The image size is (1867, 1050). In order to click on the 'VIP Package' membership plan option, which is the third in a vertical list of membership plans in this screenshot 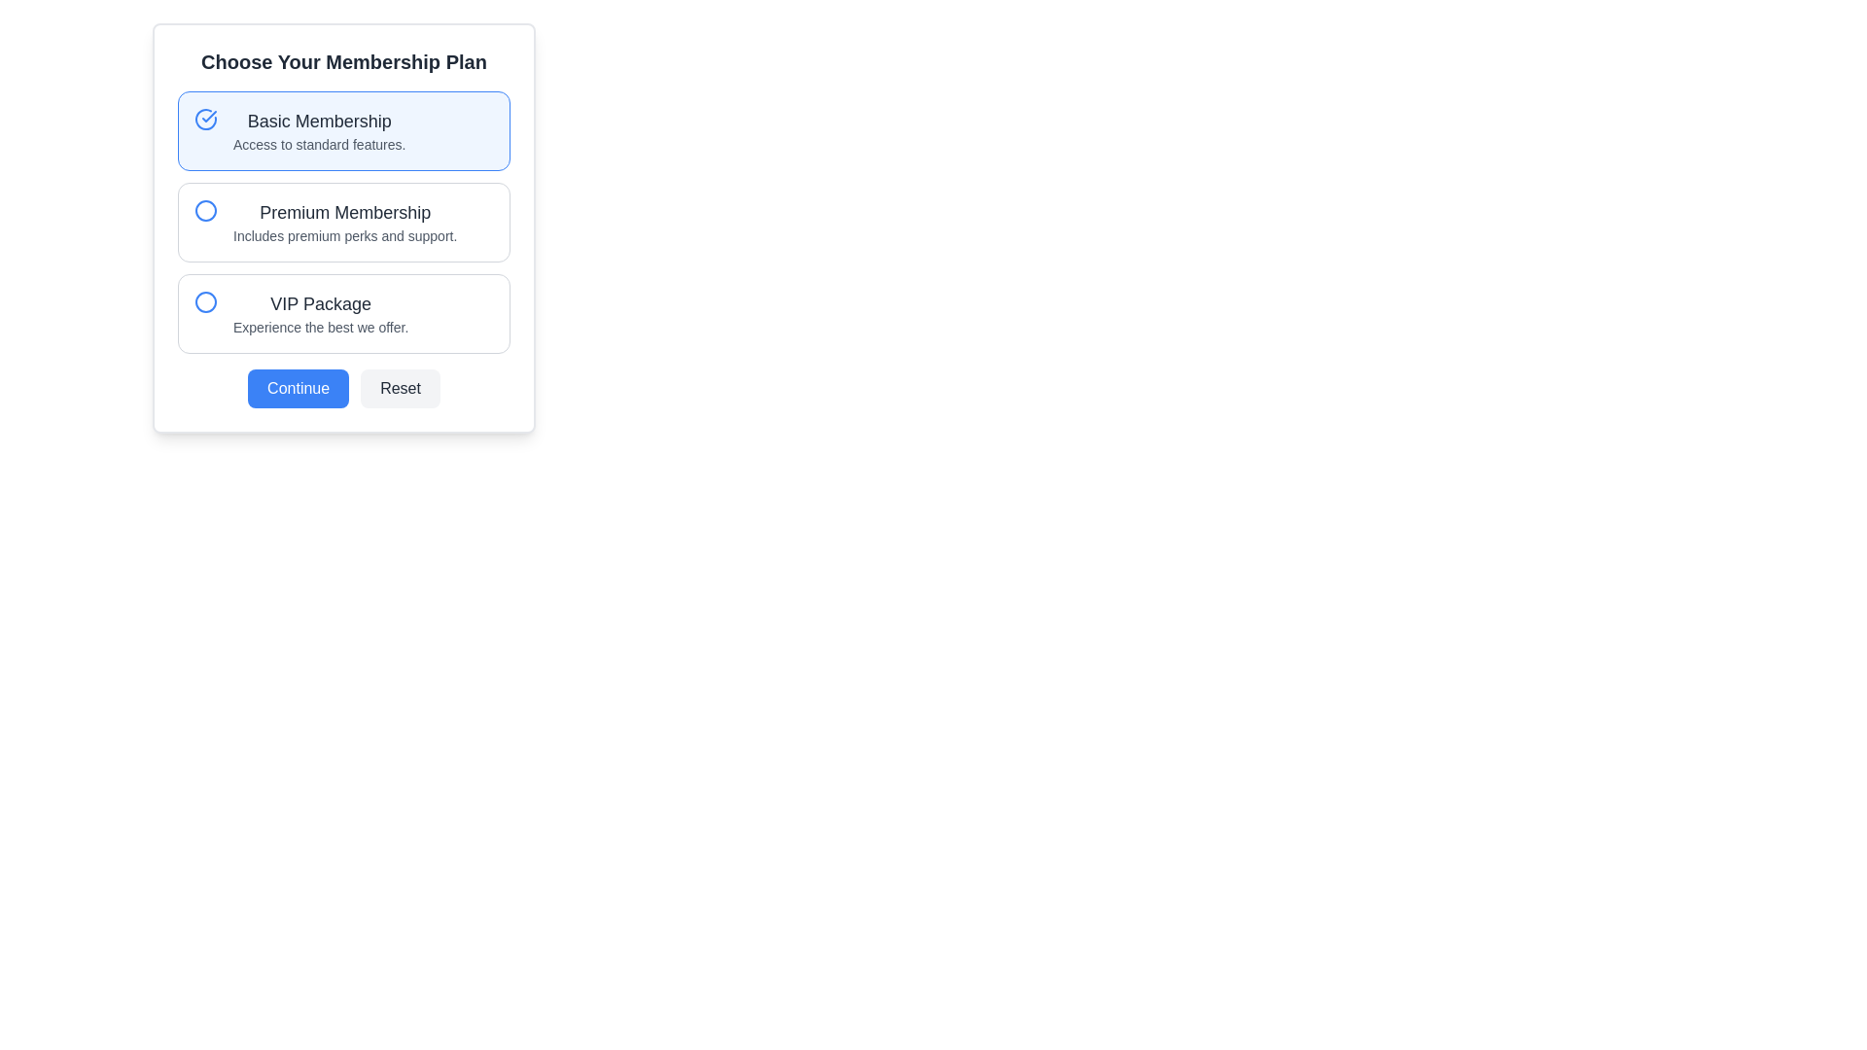, I will do `click(321, 313)`.